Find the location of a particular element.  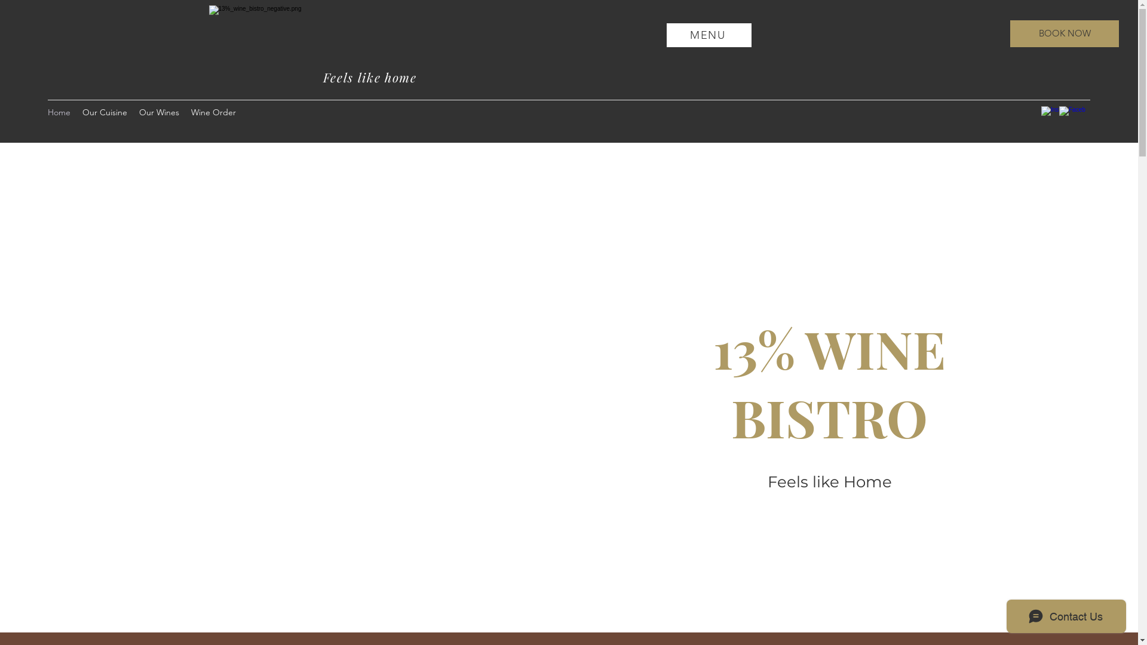

'Home' is located at coordinates (59, 112).